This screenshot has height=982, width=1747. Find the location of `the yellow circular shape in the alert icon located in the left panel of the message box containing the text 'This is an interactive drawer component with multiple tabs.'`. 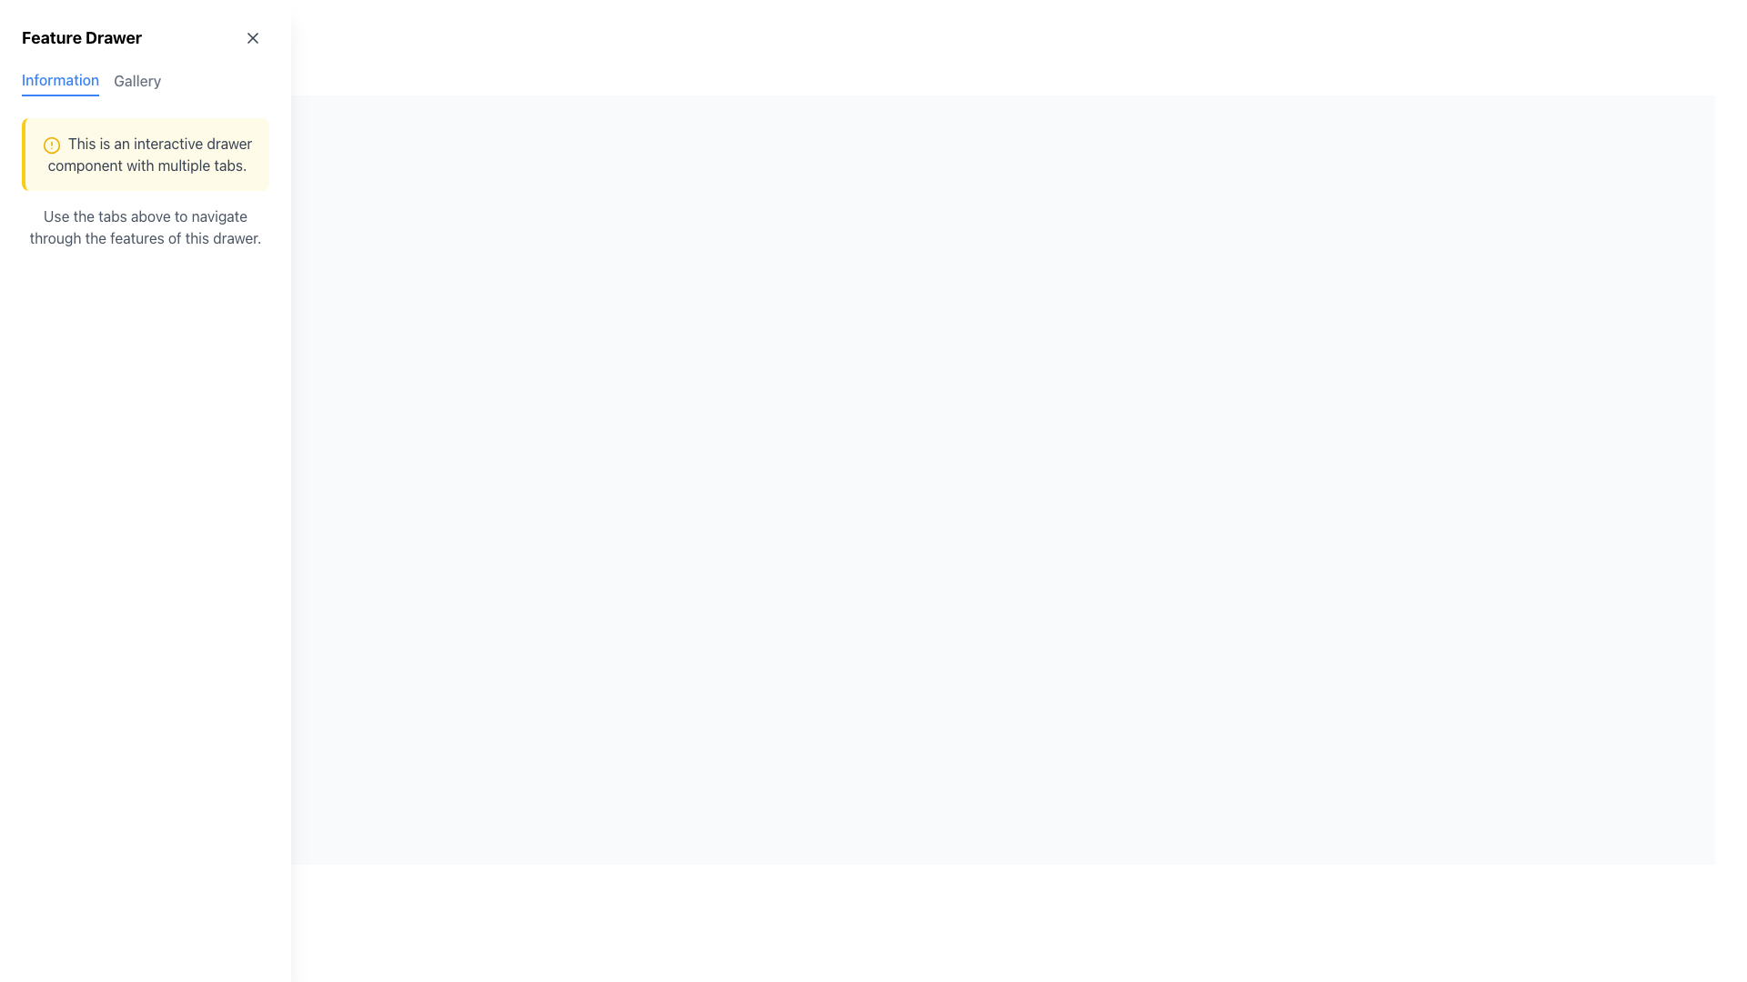

the yellow circular shape in the alert icon located in the left panel of the message box containing the text 'This is an interactive drawer component with multiple tabs.' is located at coordinates (51, 144).